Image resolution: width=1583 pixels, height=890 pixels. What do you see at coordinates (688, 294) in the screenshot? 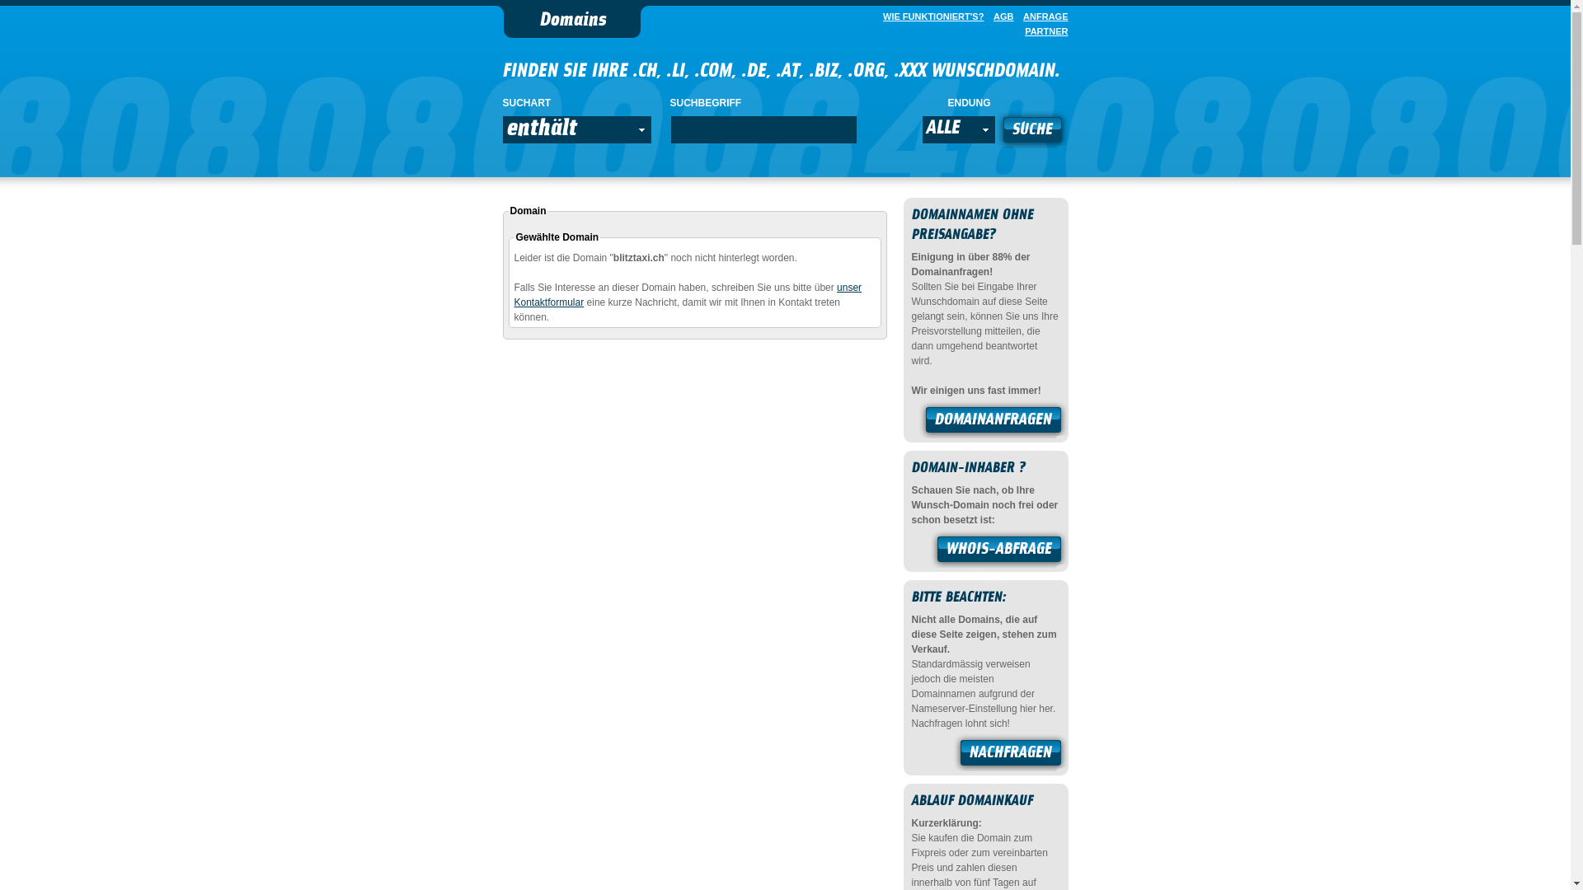
I see `'unser Kontaktformular'` at bounding box center [688, 294].